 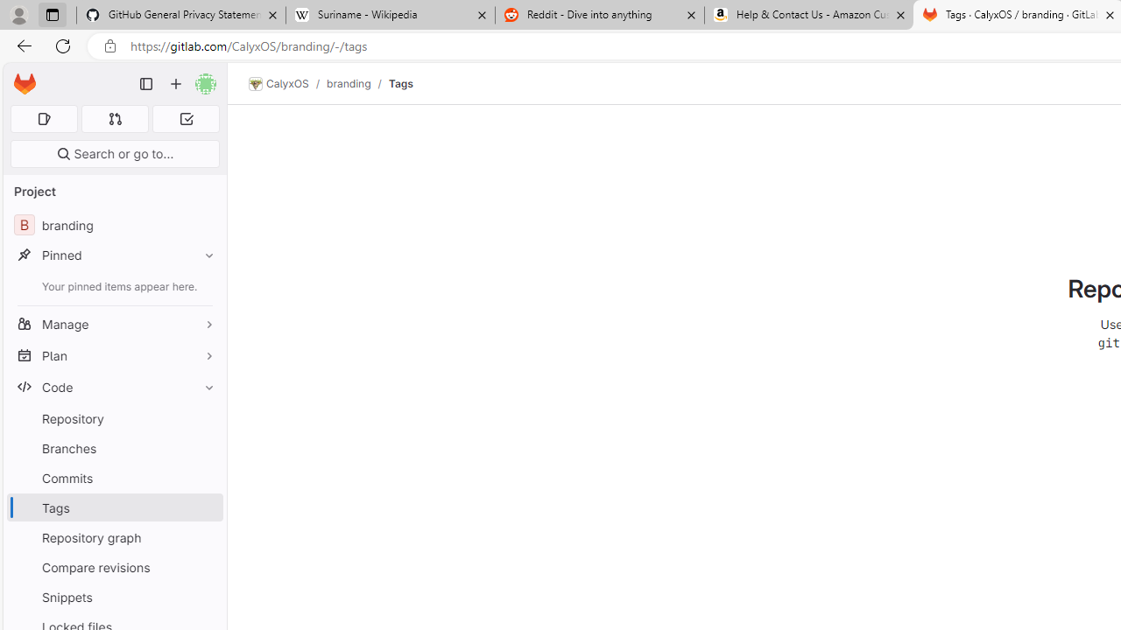 I want to click on 'Commits', so click(x=114, y=478).